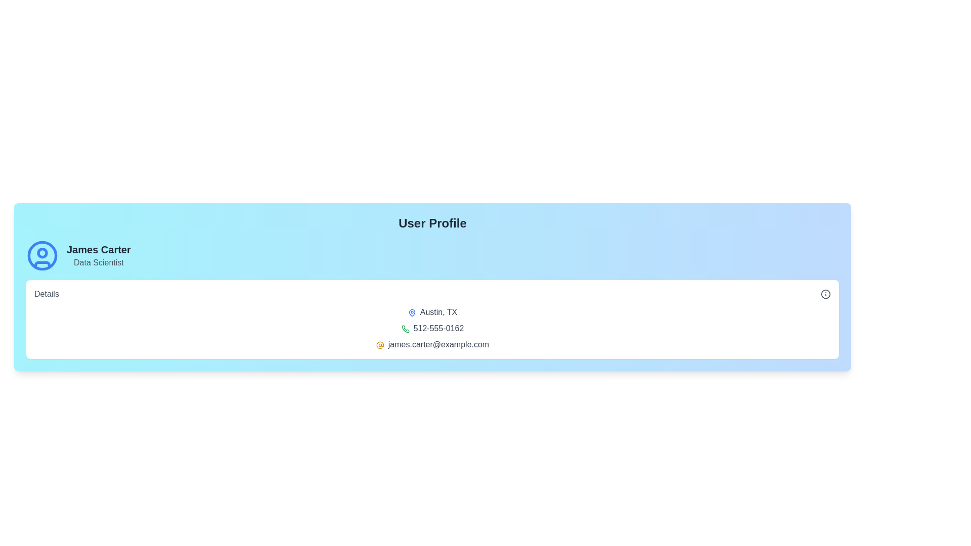 This screenshot has width=971, height=546. I want to click on the circular icon with a border containing an exclamation mark, located to the right of the 'Details' text, so click(825, 294).